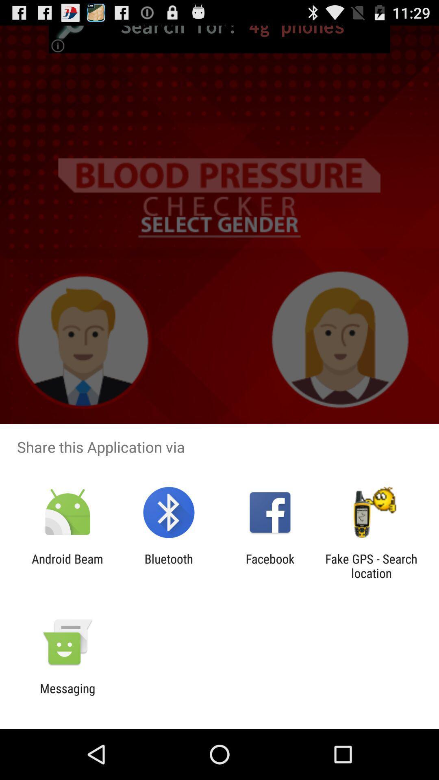 The height and width of the screenshot is (780, 439). Describe the element at coordinates (270, 565) in the screenshot. I see `item next to fake gps search icon` at that location.